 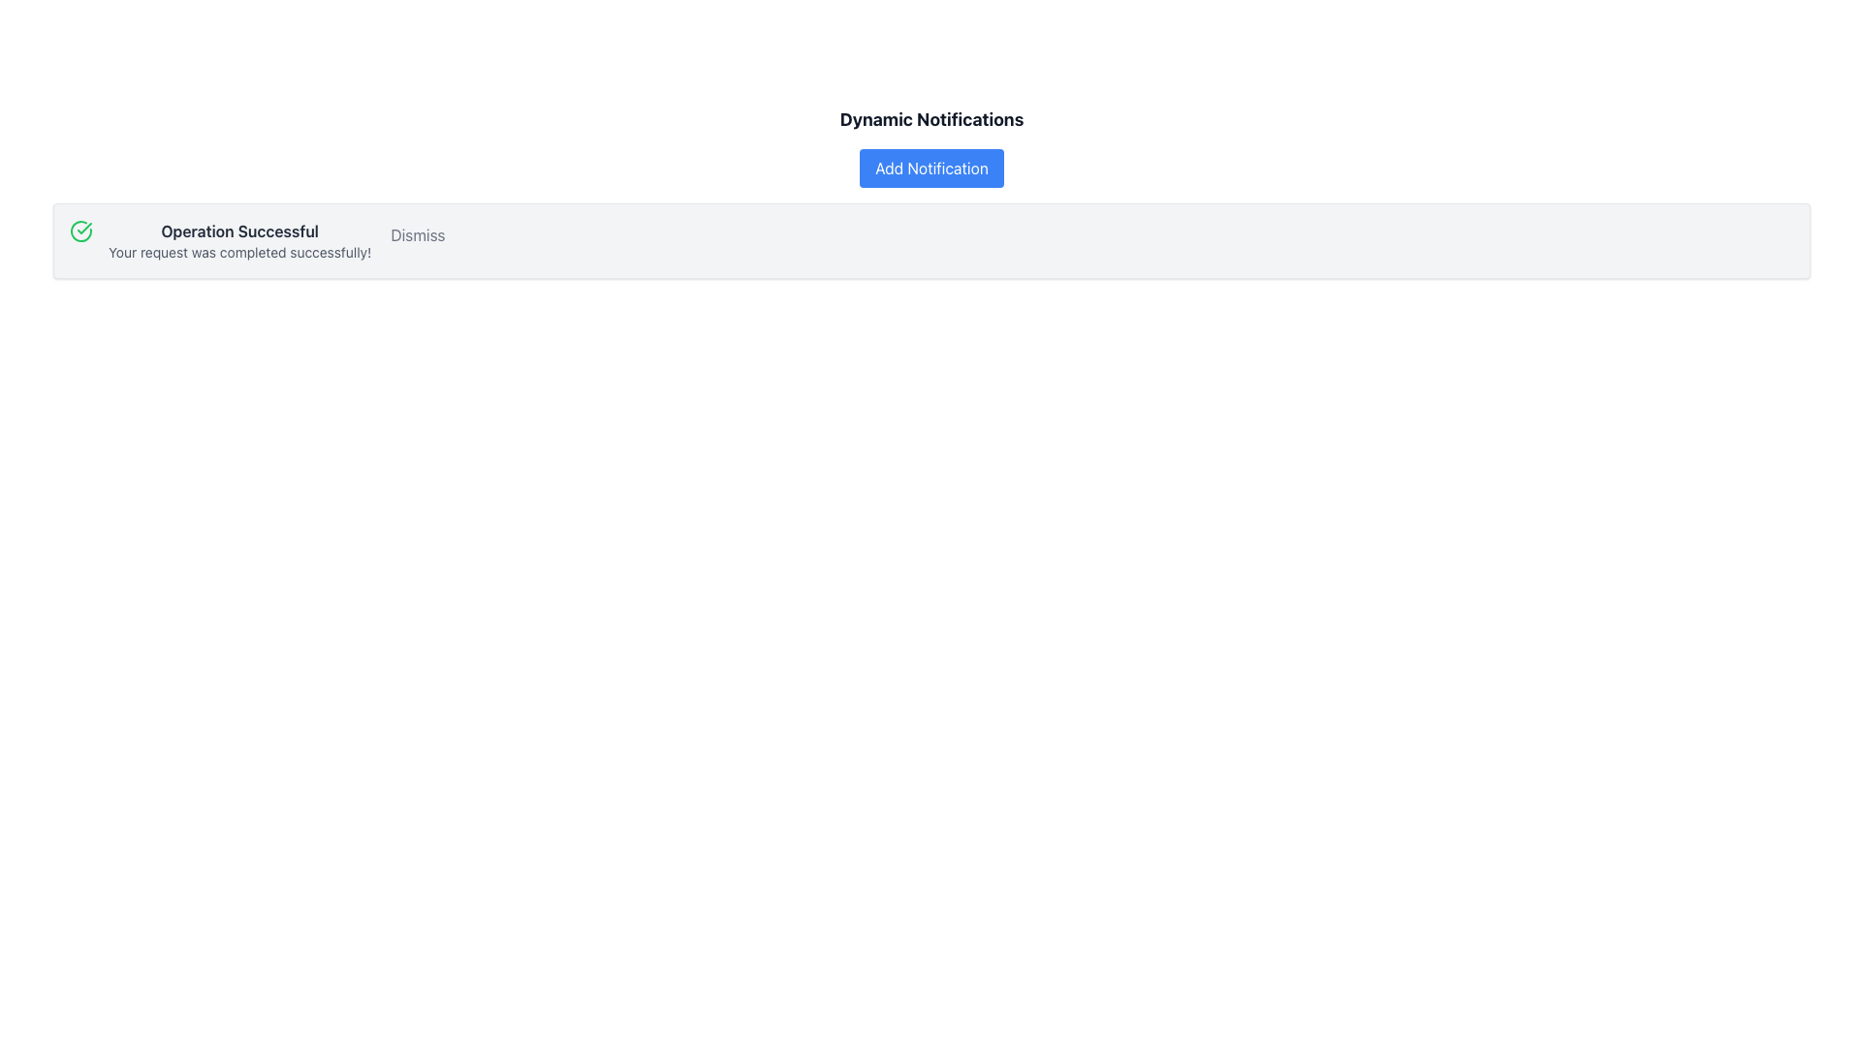 What do you see at coordinates (417, 234) in the screenshot?
I see `the 'Dismiss' button, which is a text label in gray font located at the far right of a success notification box, to observe its hover state` at bounding box center [417, 234].